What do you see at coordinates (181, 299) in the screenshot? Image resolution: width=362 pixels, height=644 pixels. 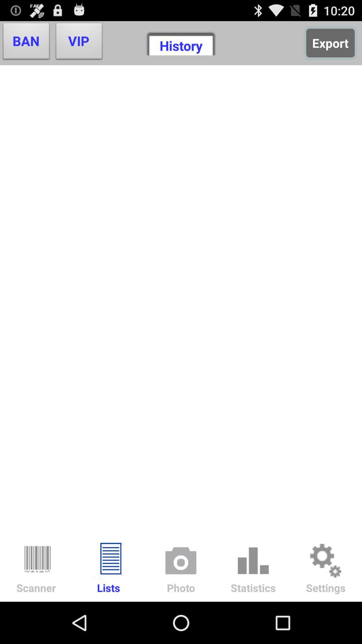 I see `the icon at the center` at bounding box center [181, 299].